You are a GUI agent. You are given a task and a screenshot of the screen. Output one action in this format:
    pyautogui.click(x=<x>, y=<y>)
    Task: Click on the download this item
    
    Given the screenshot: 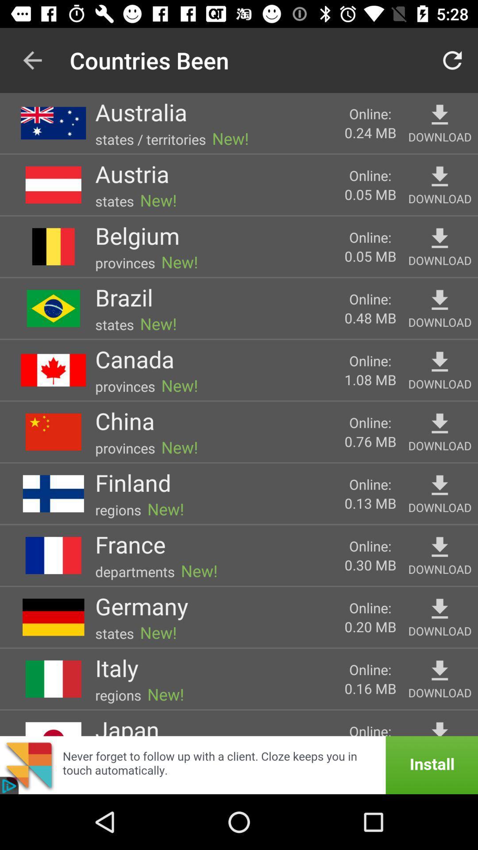 What is the action you would take?
    pyautogui.click(x=439, y=115)
    